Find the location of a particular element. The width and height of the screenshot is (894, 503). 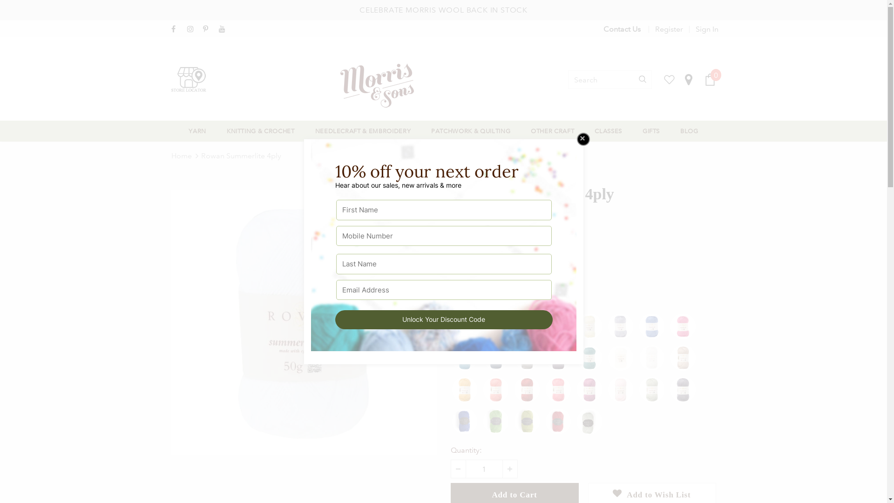

'Home' is located at coordinates (171, 156).